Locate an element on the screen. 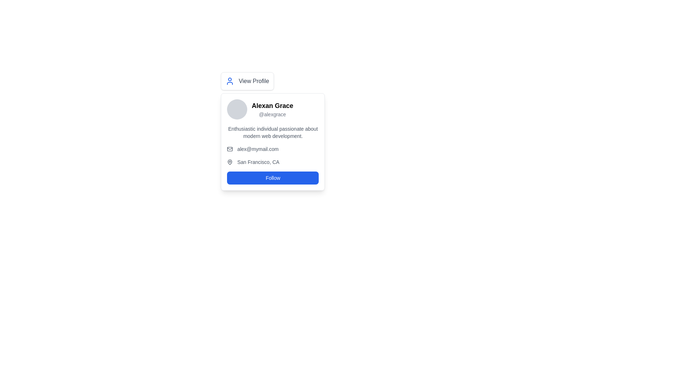  the user profile icon located on the left side of the 'View Profile' component, which serves as a visual indicator for profile-related actions is located at coordinates (230, 81).